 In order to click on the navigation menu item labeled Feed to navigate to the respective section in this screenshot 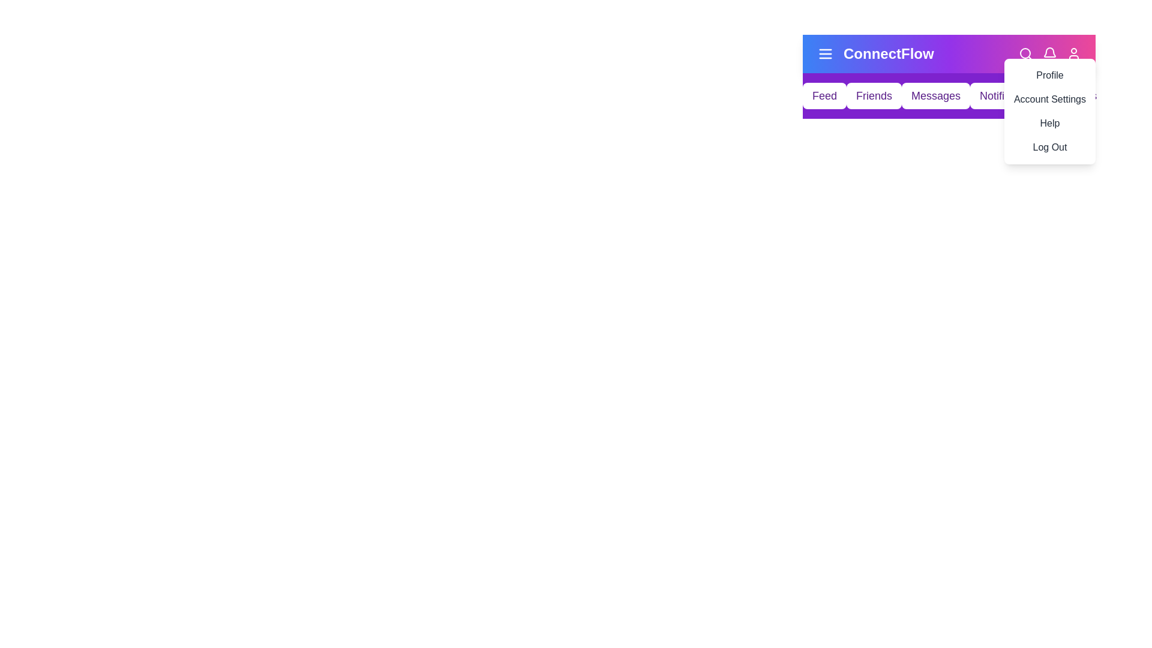, I will do `click(824, 95)`.